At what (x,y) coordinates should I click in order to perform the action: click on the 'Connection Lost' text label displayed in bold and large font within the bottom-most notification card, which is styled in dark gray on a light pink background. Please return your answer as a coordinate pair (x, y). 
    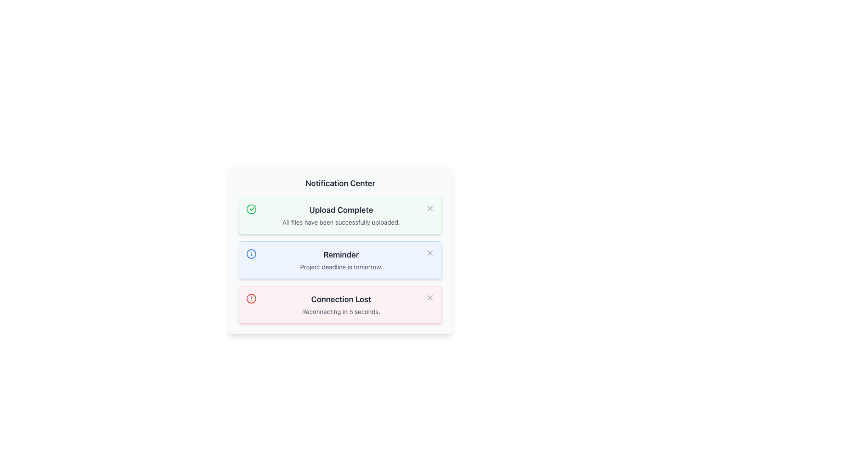
    Looking at the image, I should click on (340, 299).